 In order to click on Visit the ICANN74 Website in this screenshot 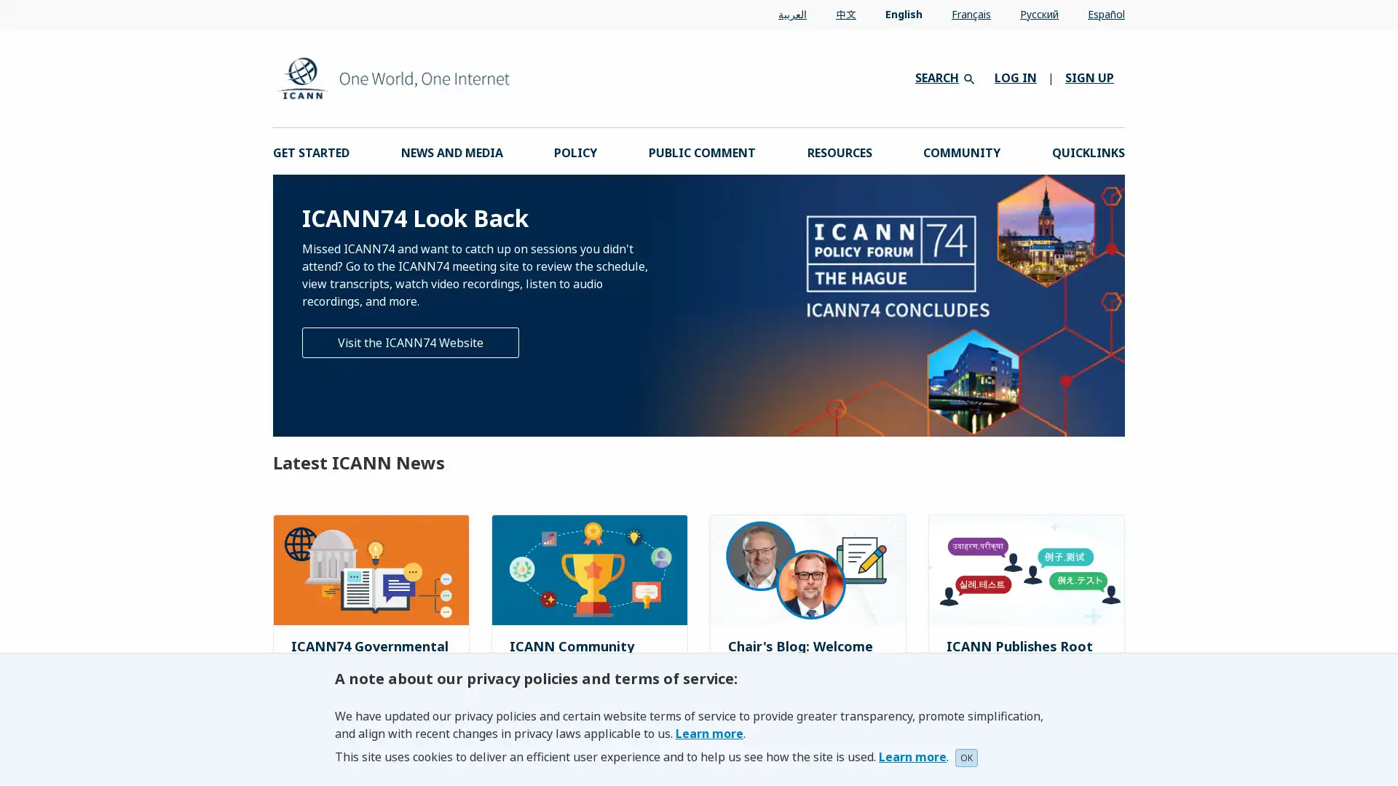, I will do `click(410, 342)`.